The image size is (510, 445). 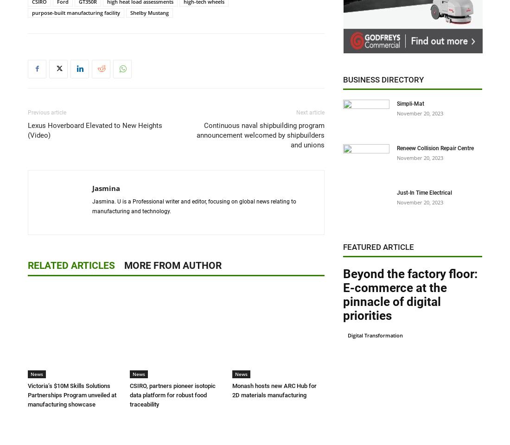 What do you see at coordinates (310, 112) in the screenshot?
I see `'Next article'` at bounding box center [310, 112].